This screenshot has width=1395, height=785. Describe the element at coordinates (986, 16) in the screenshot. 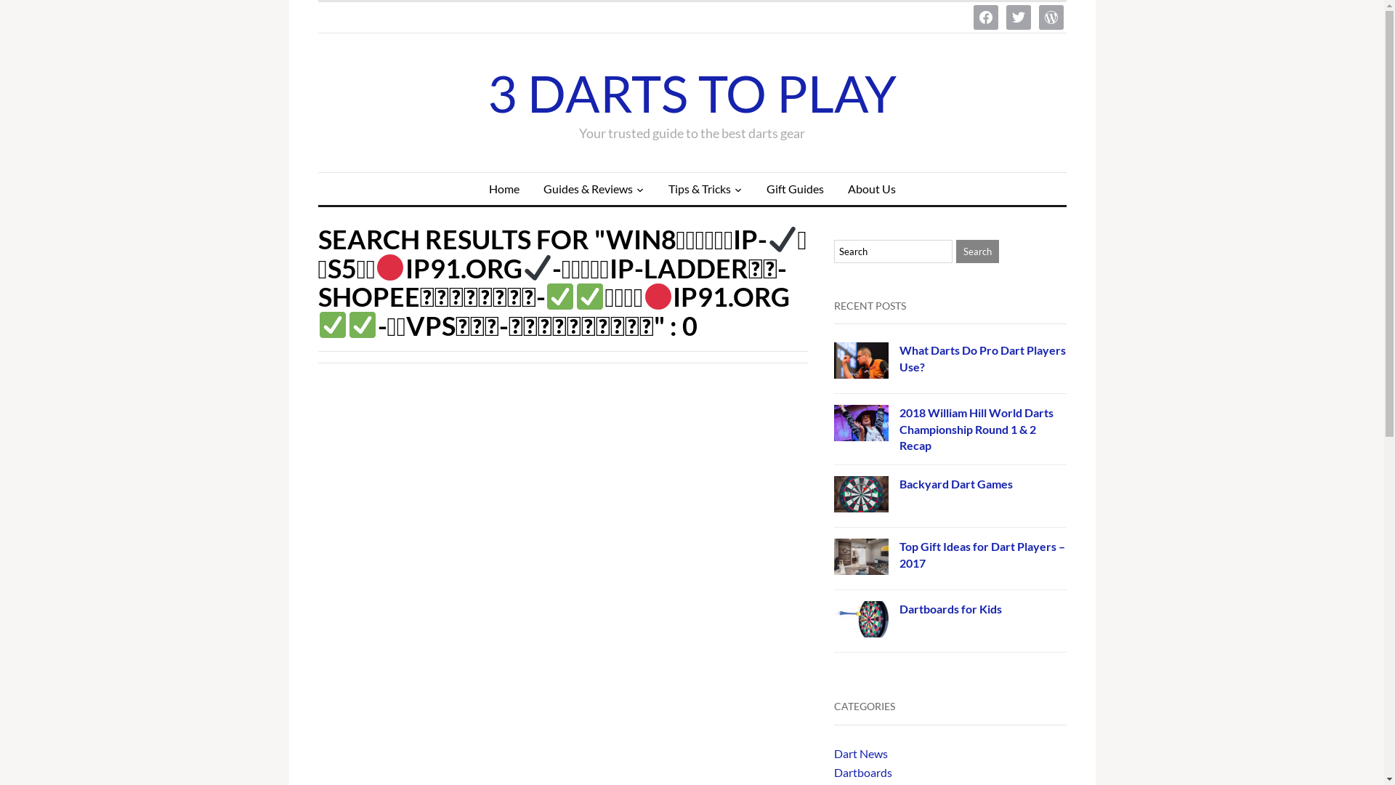

I see `'facebook'` at that location.